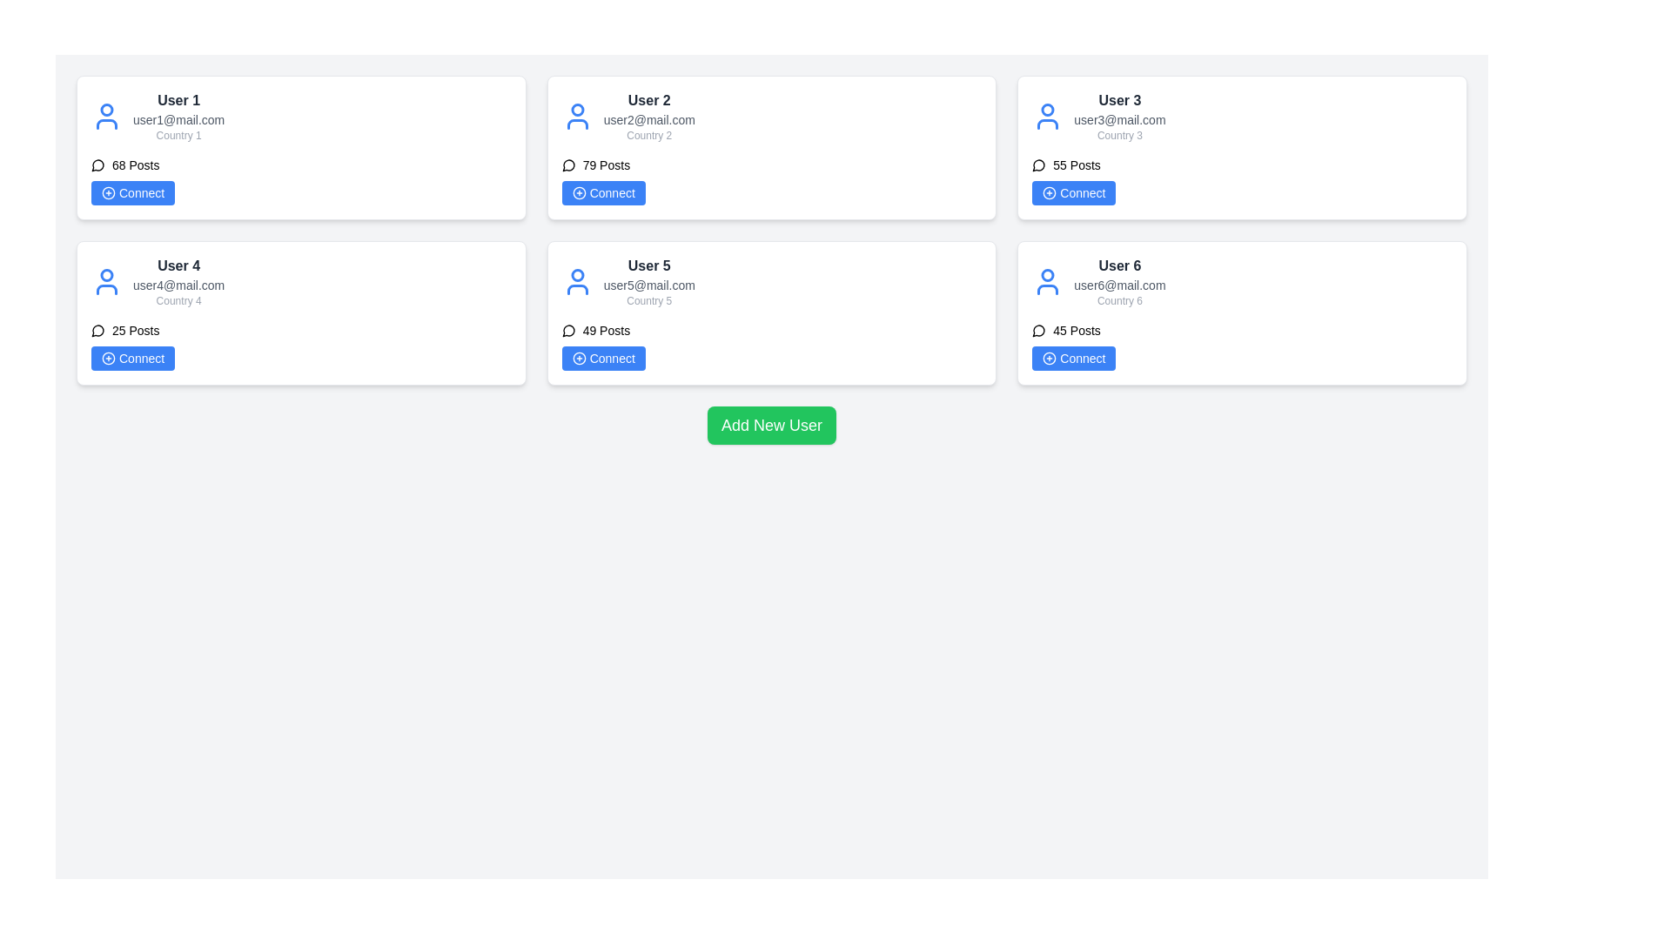  Describe the element at coordinates (106, 281) in the screenshot. I see `the user profile icon located in the top-left corner of the 'User 4' card, which is the leftmost card in the second row of the grid layout` at that location.